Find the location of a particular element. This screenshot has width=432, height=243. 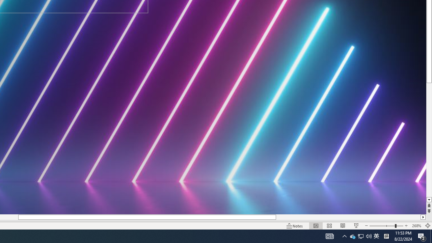

'Zoom Out' is located at coordinates (382, 226).